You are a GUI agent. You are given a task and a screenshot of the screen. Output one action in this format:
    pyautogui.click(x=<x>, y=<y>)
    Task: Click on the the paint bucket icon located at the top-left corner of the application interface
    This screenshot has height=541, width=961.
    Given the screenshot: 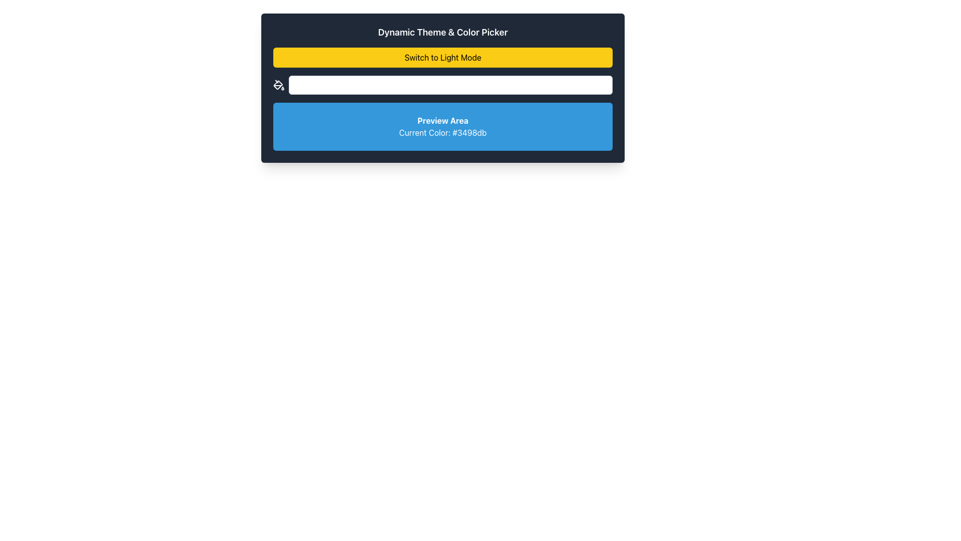 What is the action you would take?
    pyautogui.click(x=279, y=84)
    